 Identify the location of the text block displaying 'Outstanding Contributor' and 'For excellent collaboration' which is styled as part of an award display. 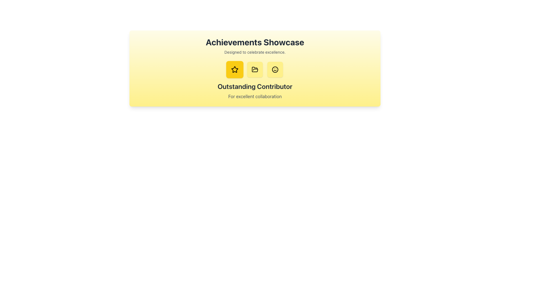
(255, 90).